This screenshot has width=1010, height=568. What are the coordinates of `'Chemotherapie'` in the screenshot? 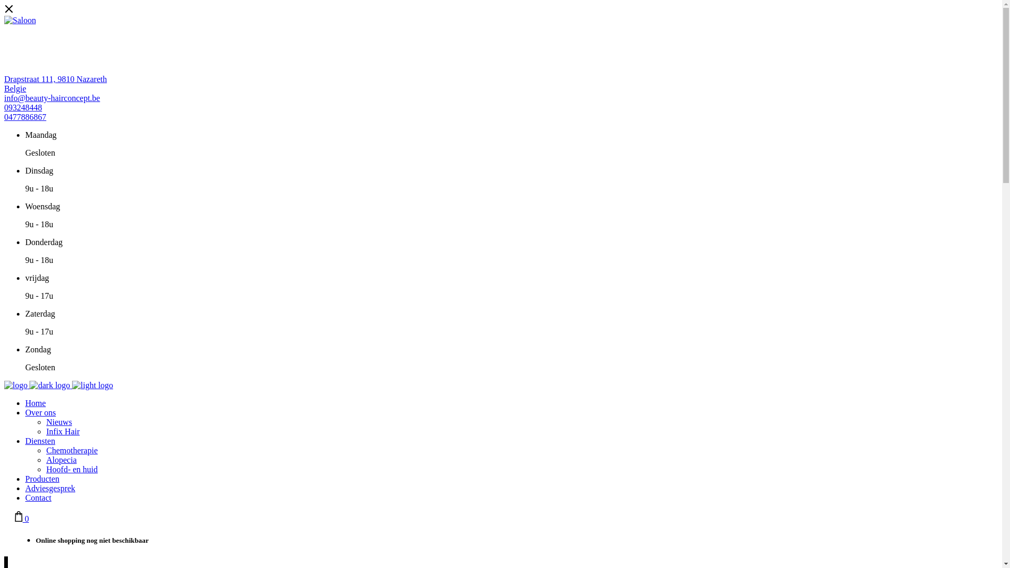 It's located at (45, 450).